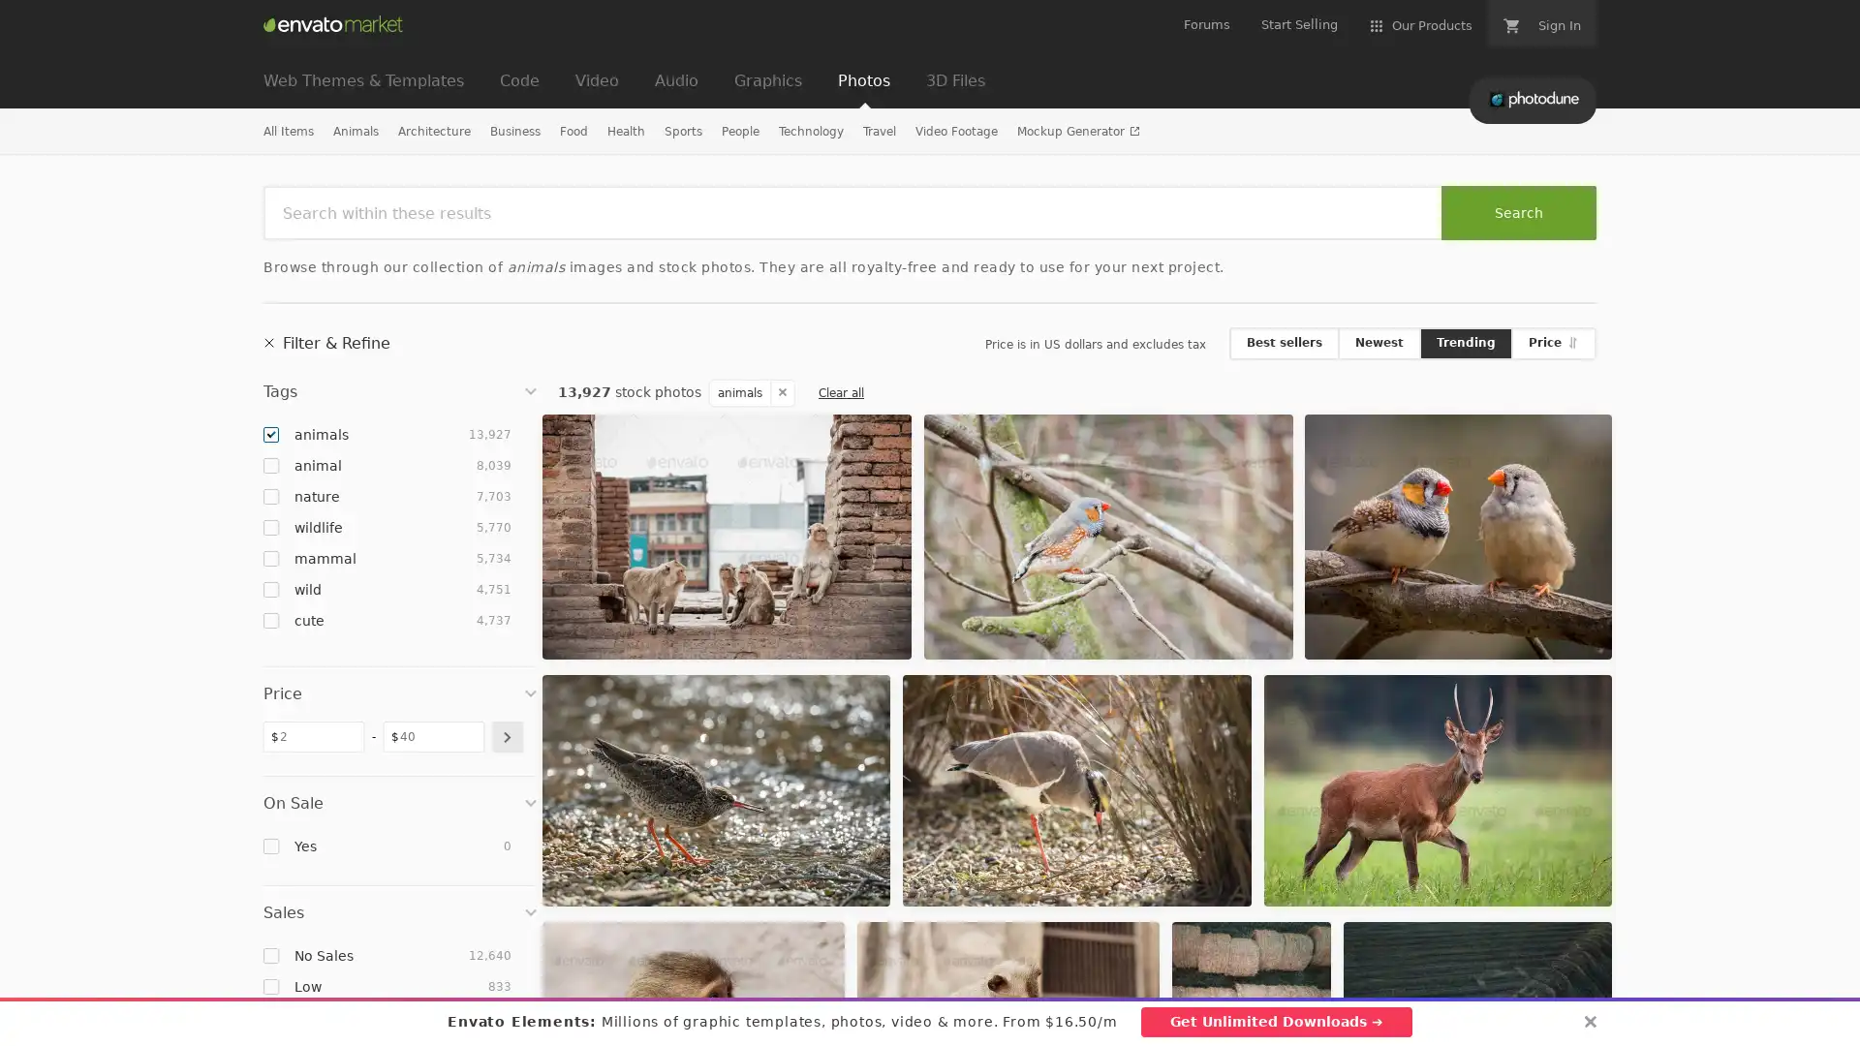 The image size is (1860, 1046). What do you see at coordinates (1518, 212) in the screenshot?
I see `Search` at bounding box center [1518, 212].